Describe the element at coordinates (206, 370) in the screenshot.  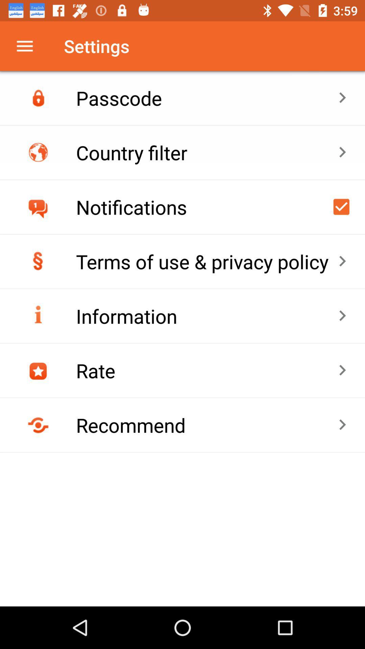
I see `the rate item` at that location.